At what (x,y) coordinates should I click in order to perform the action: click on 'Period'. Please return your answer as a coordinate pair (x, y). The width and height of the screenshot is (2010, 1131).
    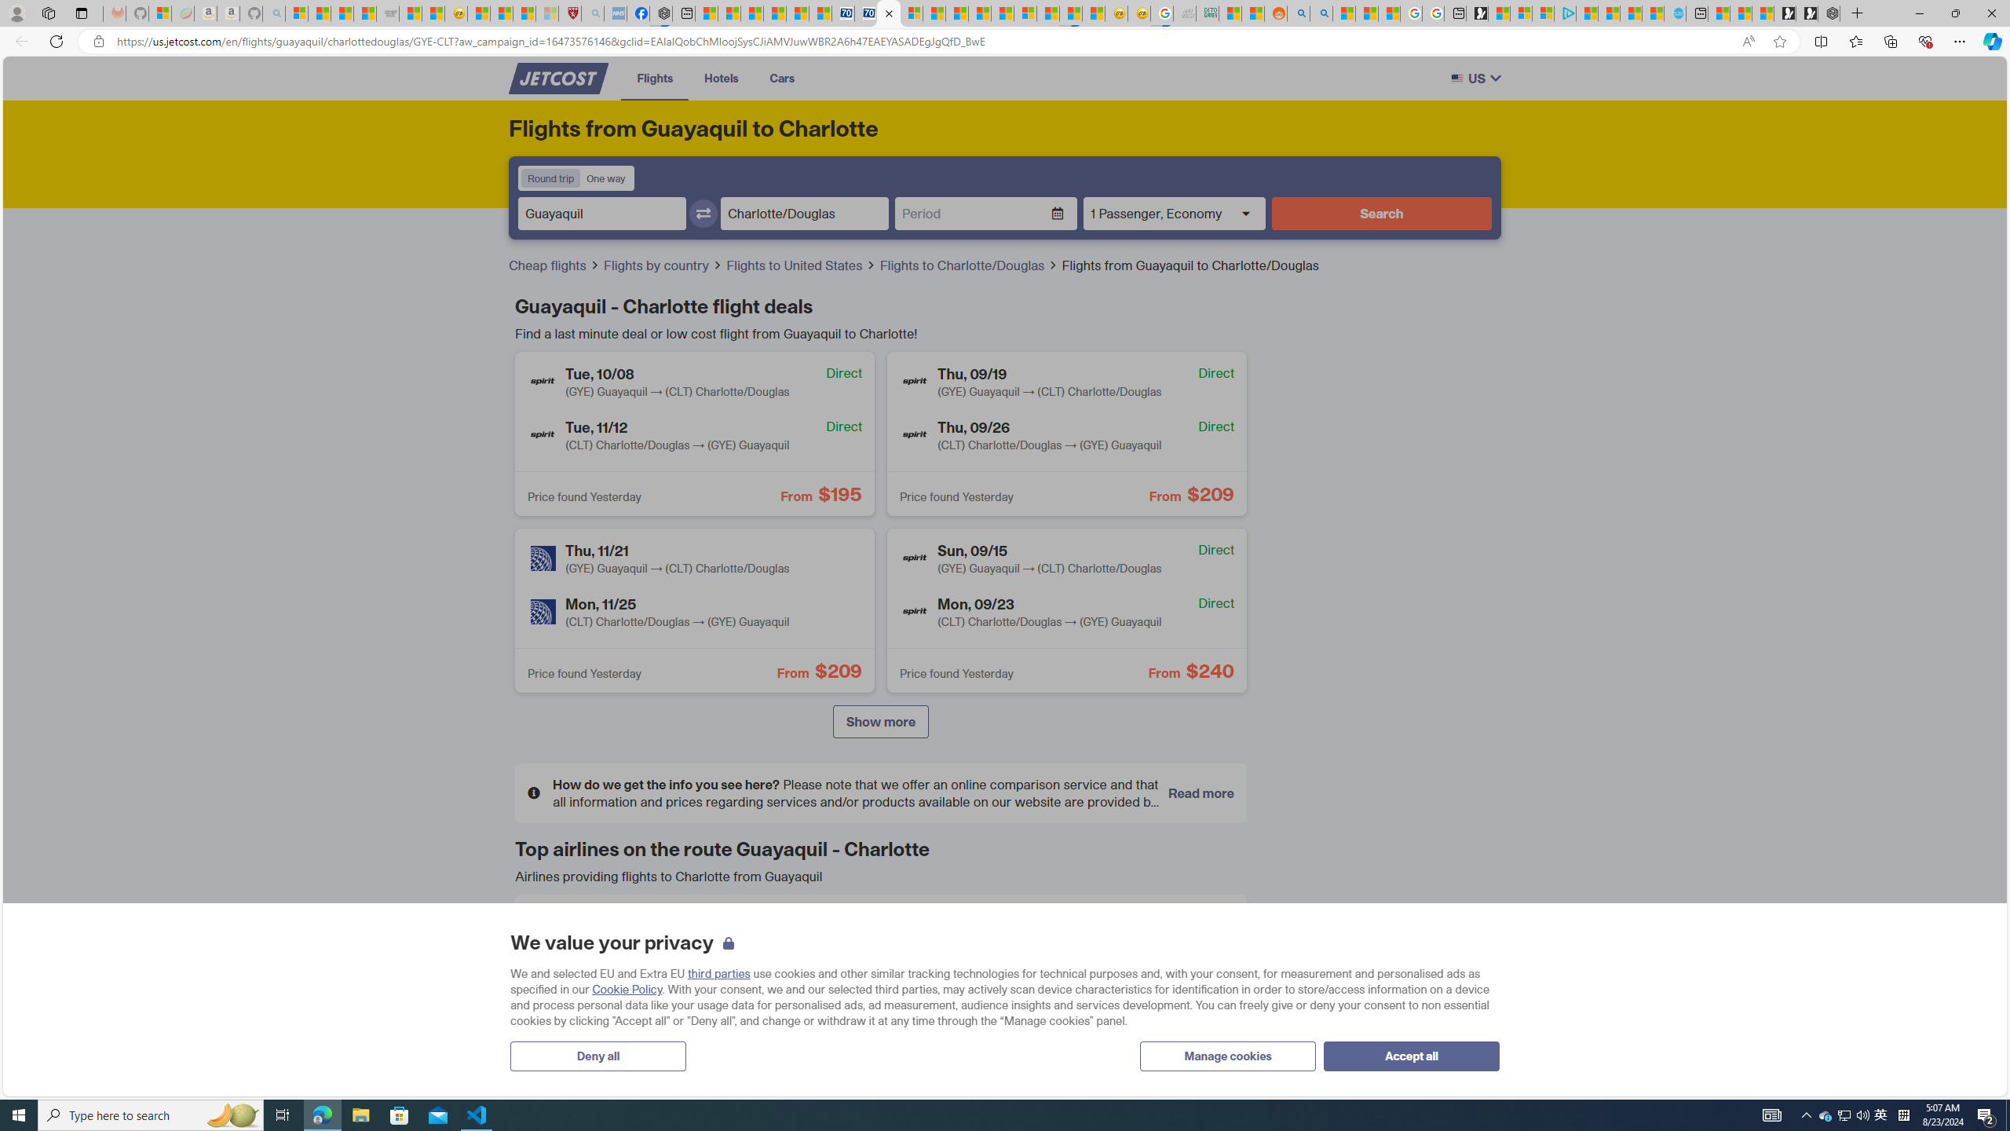
    Looking at the image, I should click on (973, 213).